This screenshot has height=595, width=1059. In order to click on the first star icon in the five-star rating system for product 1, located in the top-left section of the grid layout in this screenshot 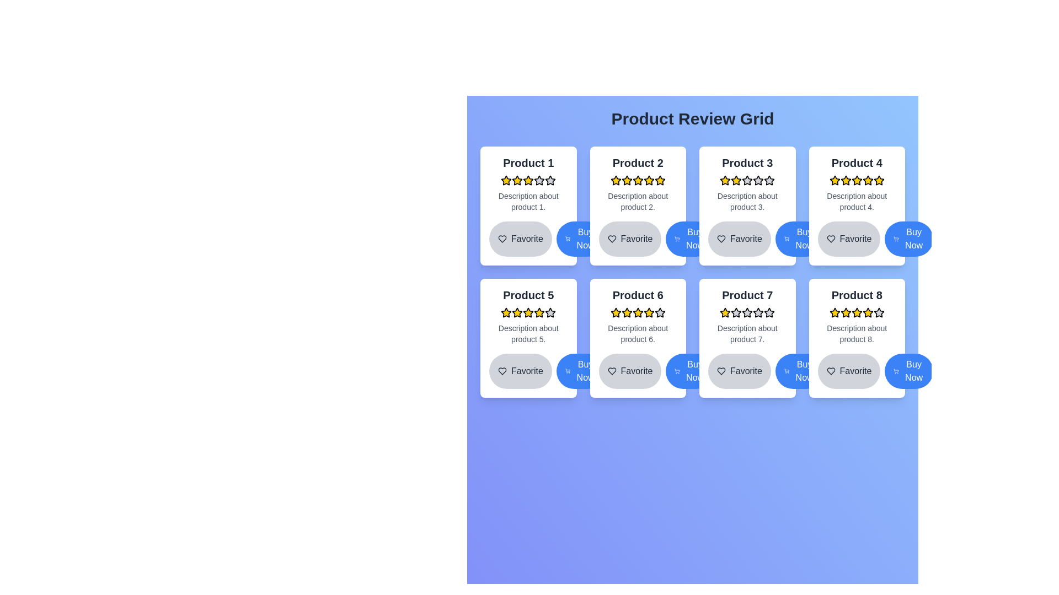, I will do `click(506, 180)`.